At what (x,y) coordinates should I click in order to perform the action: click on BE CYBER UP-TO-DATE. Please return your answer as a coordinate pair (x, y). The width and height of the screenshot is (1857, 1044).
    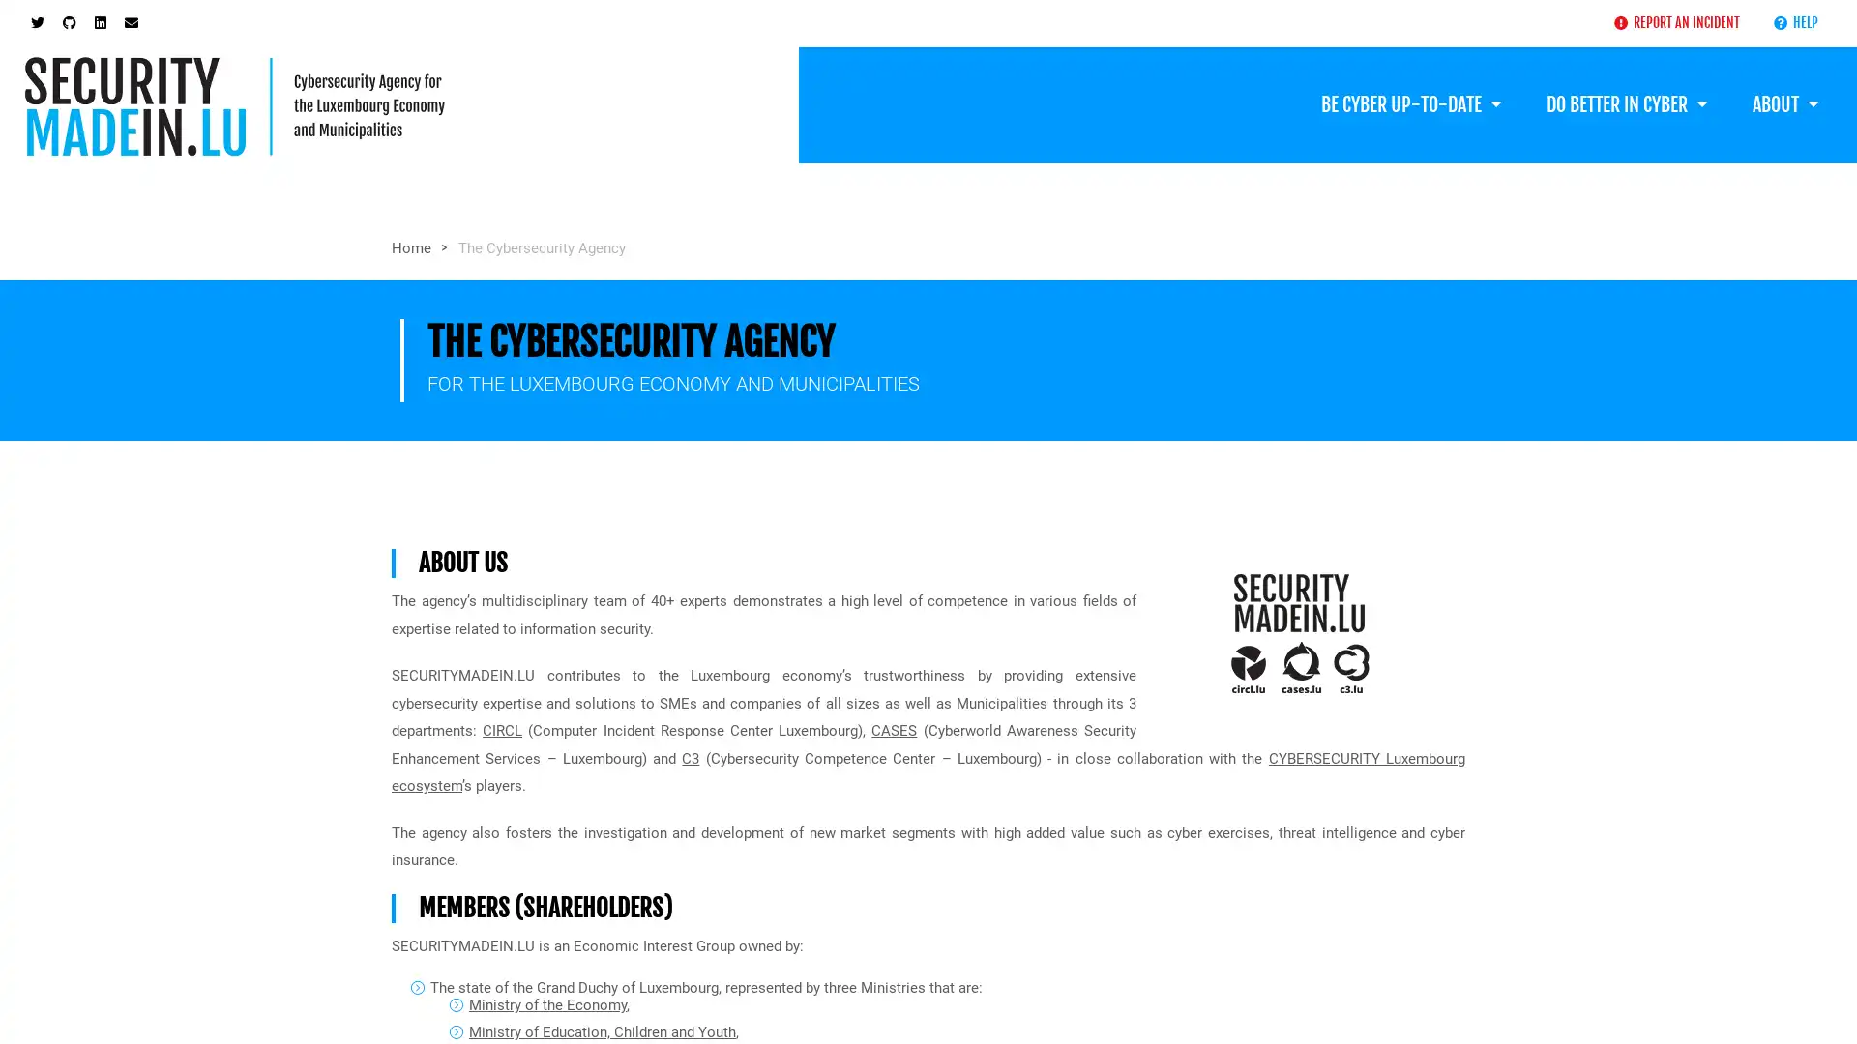
    Looking at the image, I should click on (1410, 104).